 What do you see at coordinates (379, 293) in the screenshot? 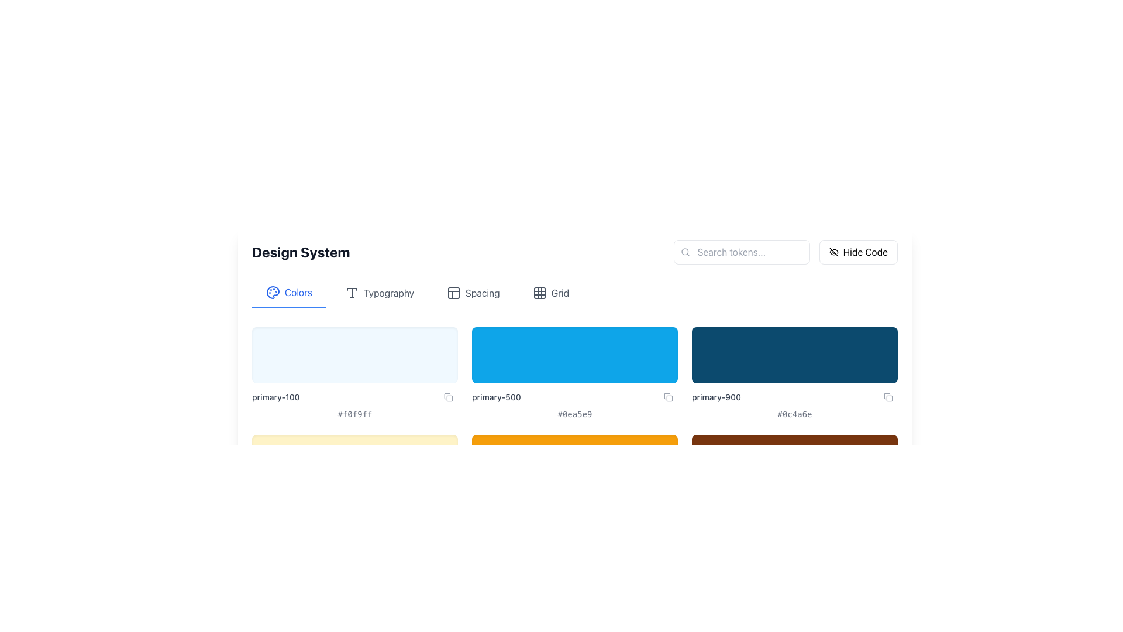
I see `the 'Typography' button, which is styled in gray and features a text icon` at bounding box center [379, 293].